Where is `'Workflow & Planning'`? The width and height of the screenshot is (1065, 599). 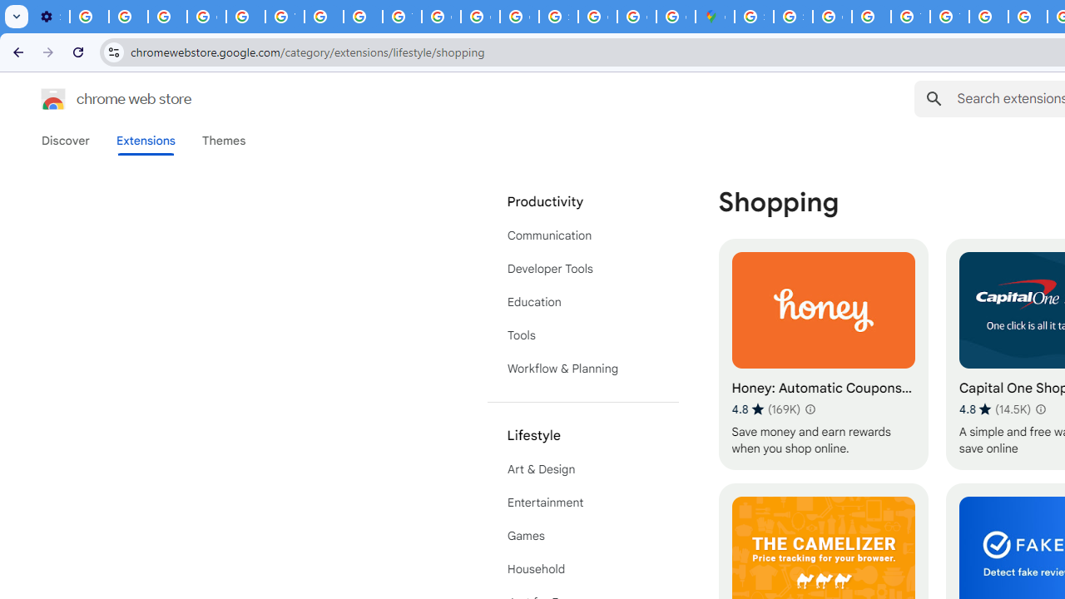
'Workflow & Planning' is located at coordinates (582, 368).